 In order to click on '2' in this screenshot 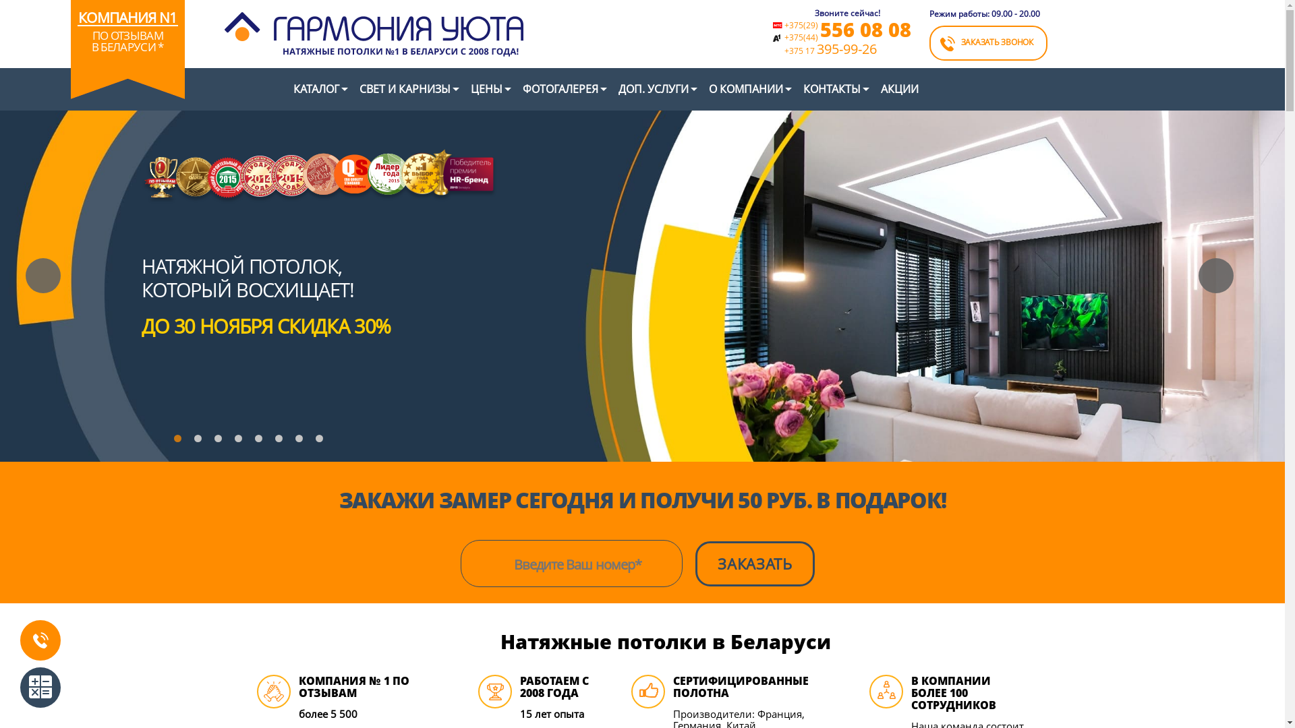, I will do `click(200, 442)`.